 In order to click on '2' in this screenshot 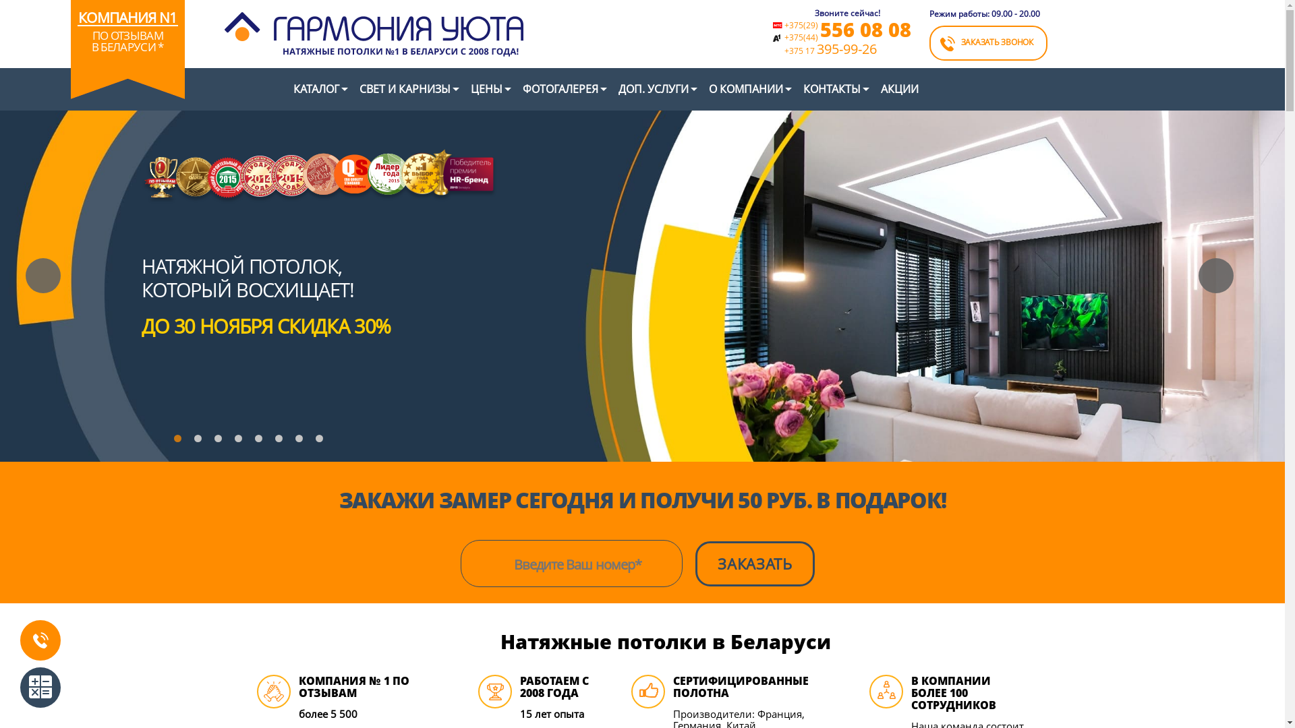, I will do `click(200, 442)`.